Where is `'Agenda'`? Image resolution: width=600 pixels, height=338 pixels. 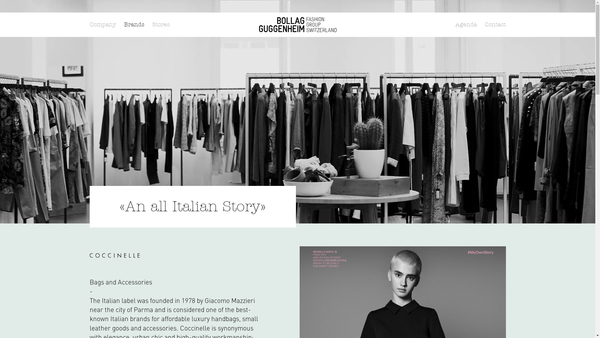 'Agenda' is located at coordinates (466, 24).